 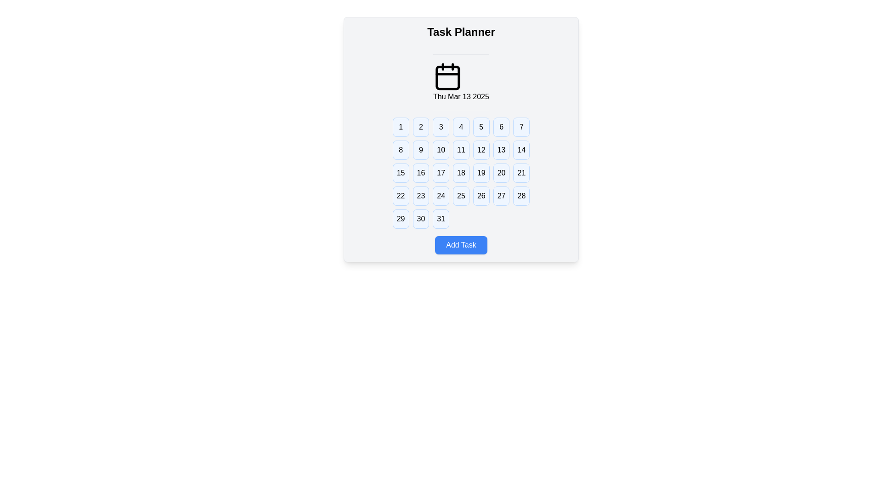 What do you see at coordinates (461, 173) in the screenshot?
I see `the small rounded rectangle button with a light blue background and the text '18'` at bounding box center [461, 173].